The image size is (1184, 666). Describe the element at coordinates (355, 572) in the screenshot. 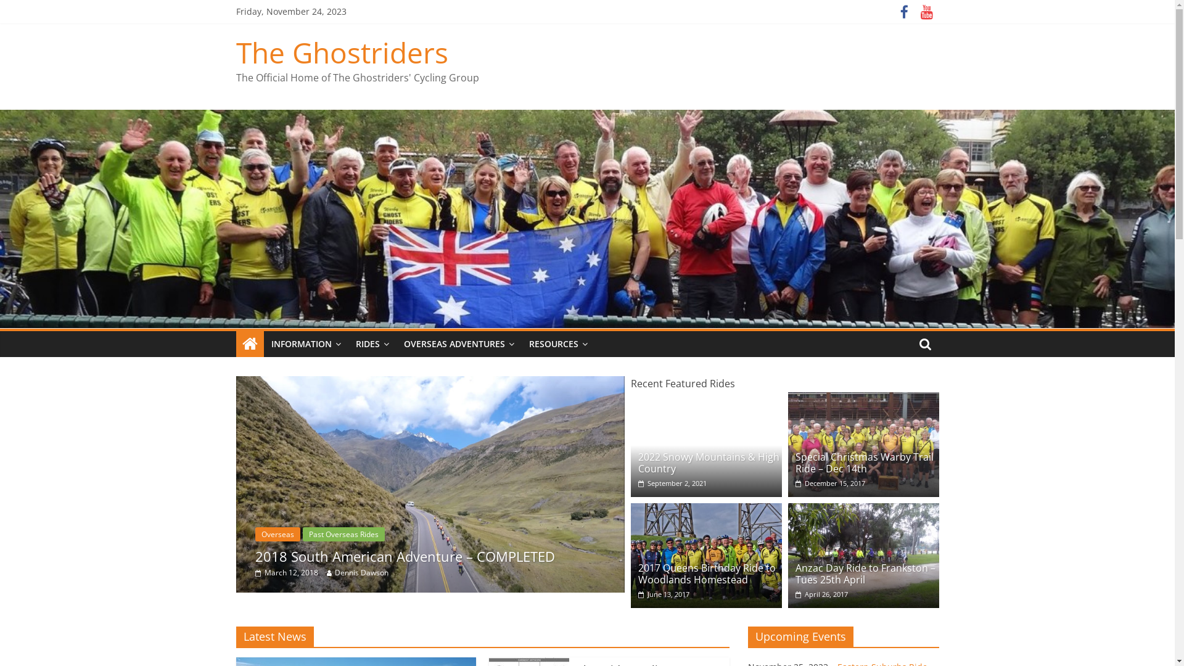

I see `'Dennis Dawson'` at that location.